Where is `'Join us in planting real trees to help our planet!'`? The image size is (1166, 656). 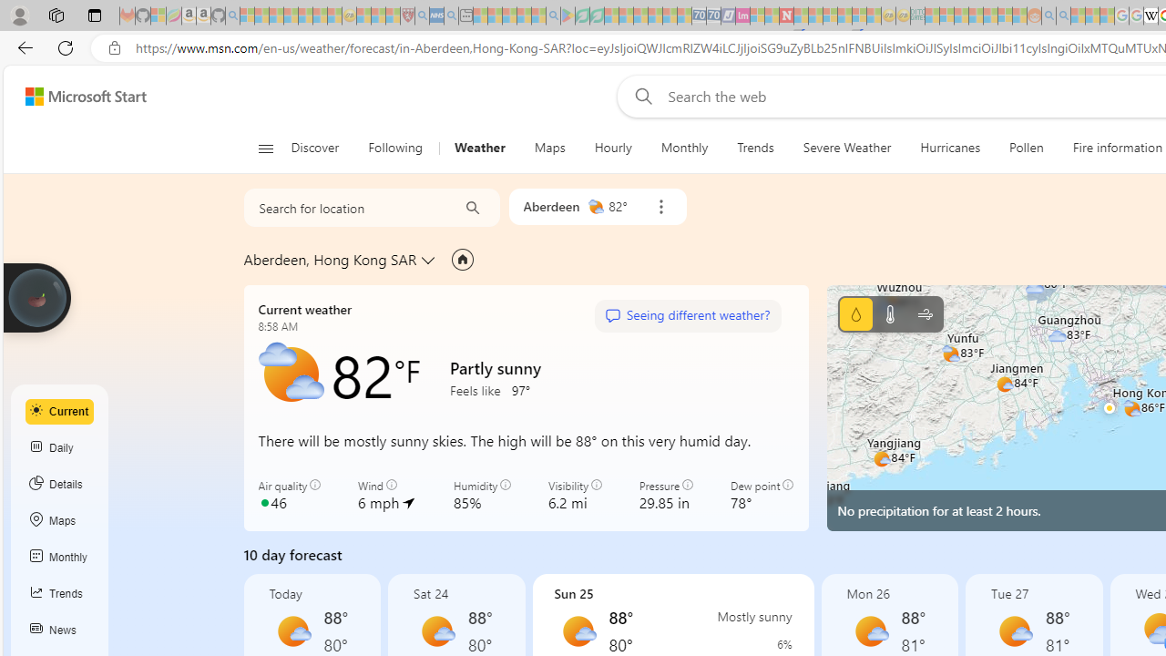
'Join us in planting real trees to help our planet!' is located at coordinates (36, 297).